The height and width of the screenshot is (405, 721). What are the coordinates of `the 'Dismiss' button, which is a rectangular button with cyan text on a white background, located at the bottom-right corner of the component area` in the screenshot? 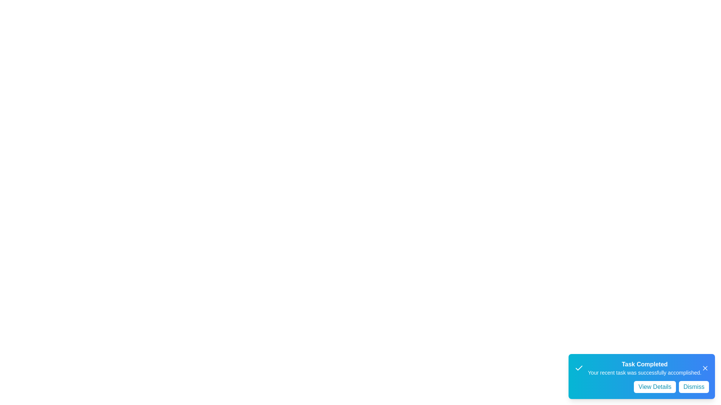 It's located at (694, 387).